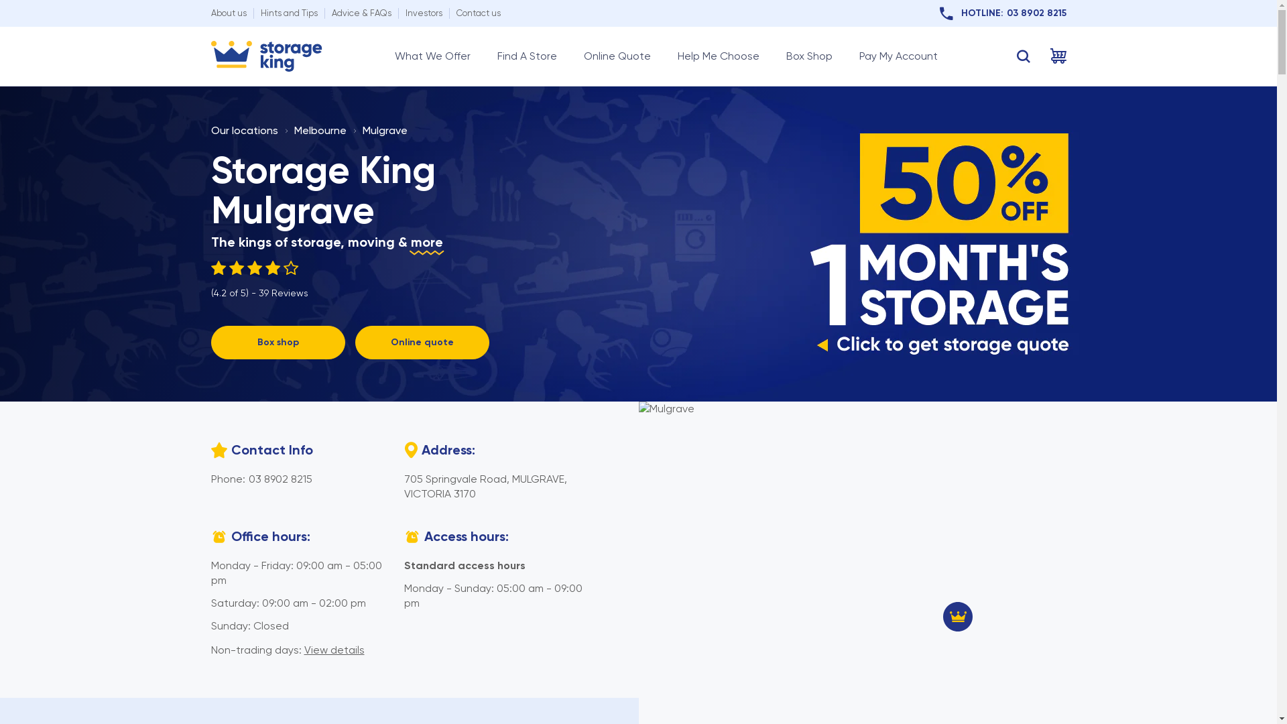  I want to click on 'HOTLINE:, so click(1003, 13).